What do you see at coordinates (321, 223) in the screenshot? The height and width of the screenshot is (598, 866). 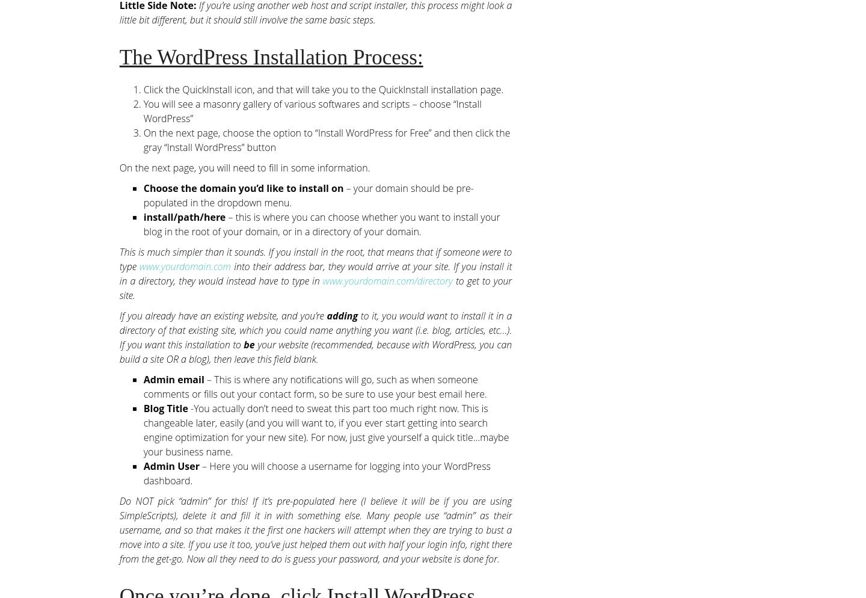 I see `'– this is where you can choose whether you want to install your blog in the root of your domain, or in a directory of your domain.'` at bounding box center [321, 223].